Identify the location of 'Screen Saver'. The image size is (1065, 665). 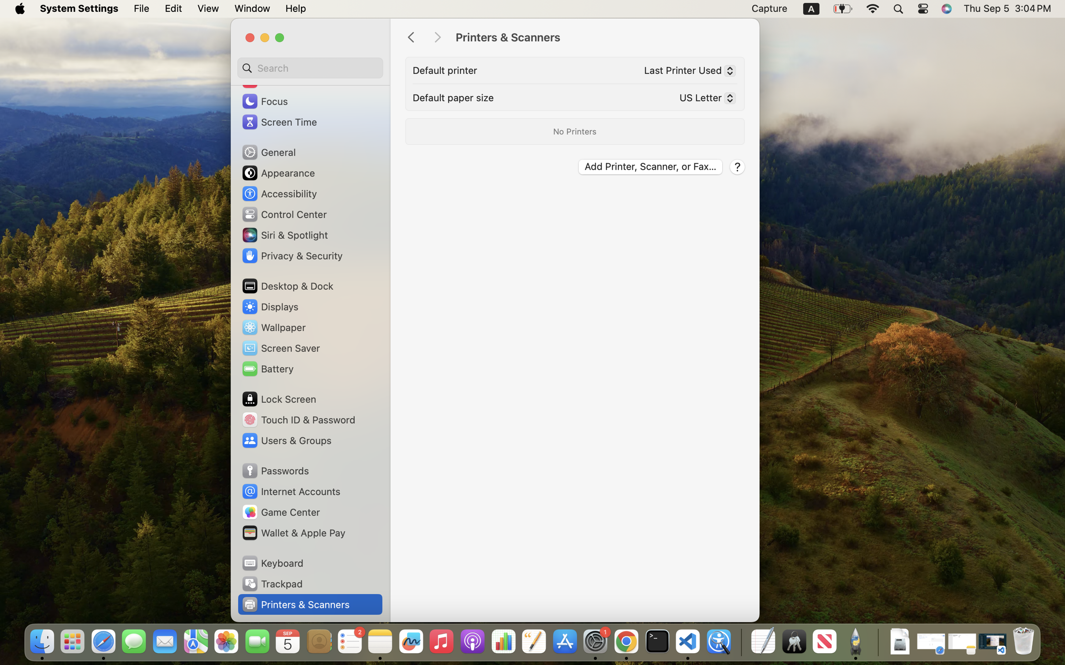
(280, 347).